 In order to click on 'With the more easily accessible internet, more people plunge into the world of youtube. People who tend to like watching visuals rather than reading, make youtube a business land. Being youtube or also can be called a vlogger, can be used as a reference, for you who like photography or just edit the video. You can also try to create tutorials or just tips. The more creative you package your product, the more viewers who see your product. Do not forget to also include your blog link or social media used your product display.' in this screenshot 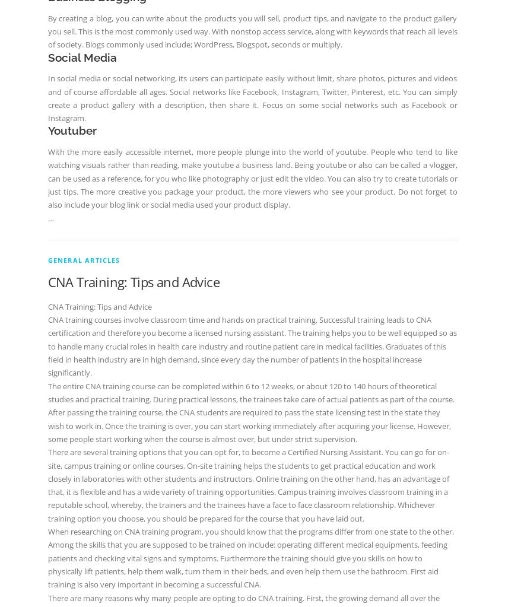, I will do `click(251, 177)`.